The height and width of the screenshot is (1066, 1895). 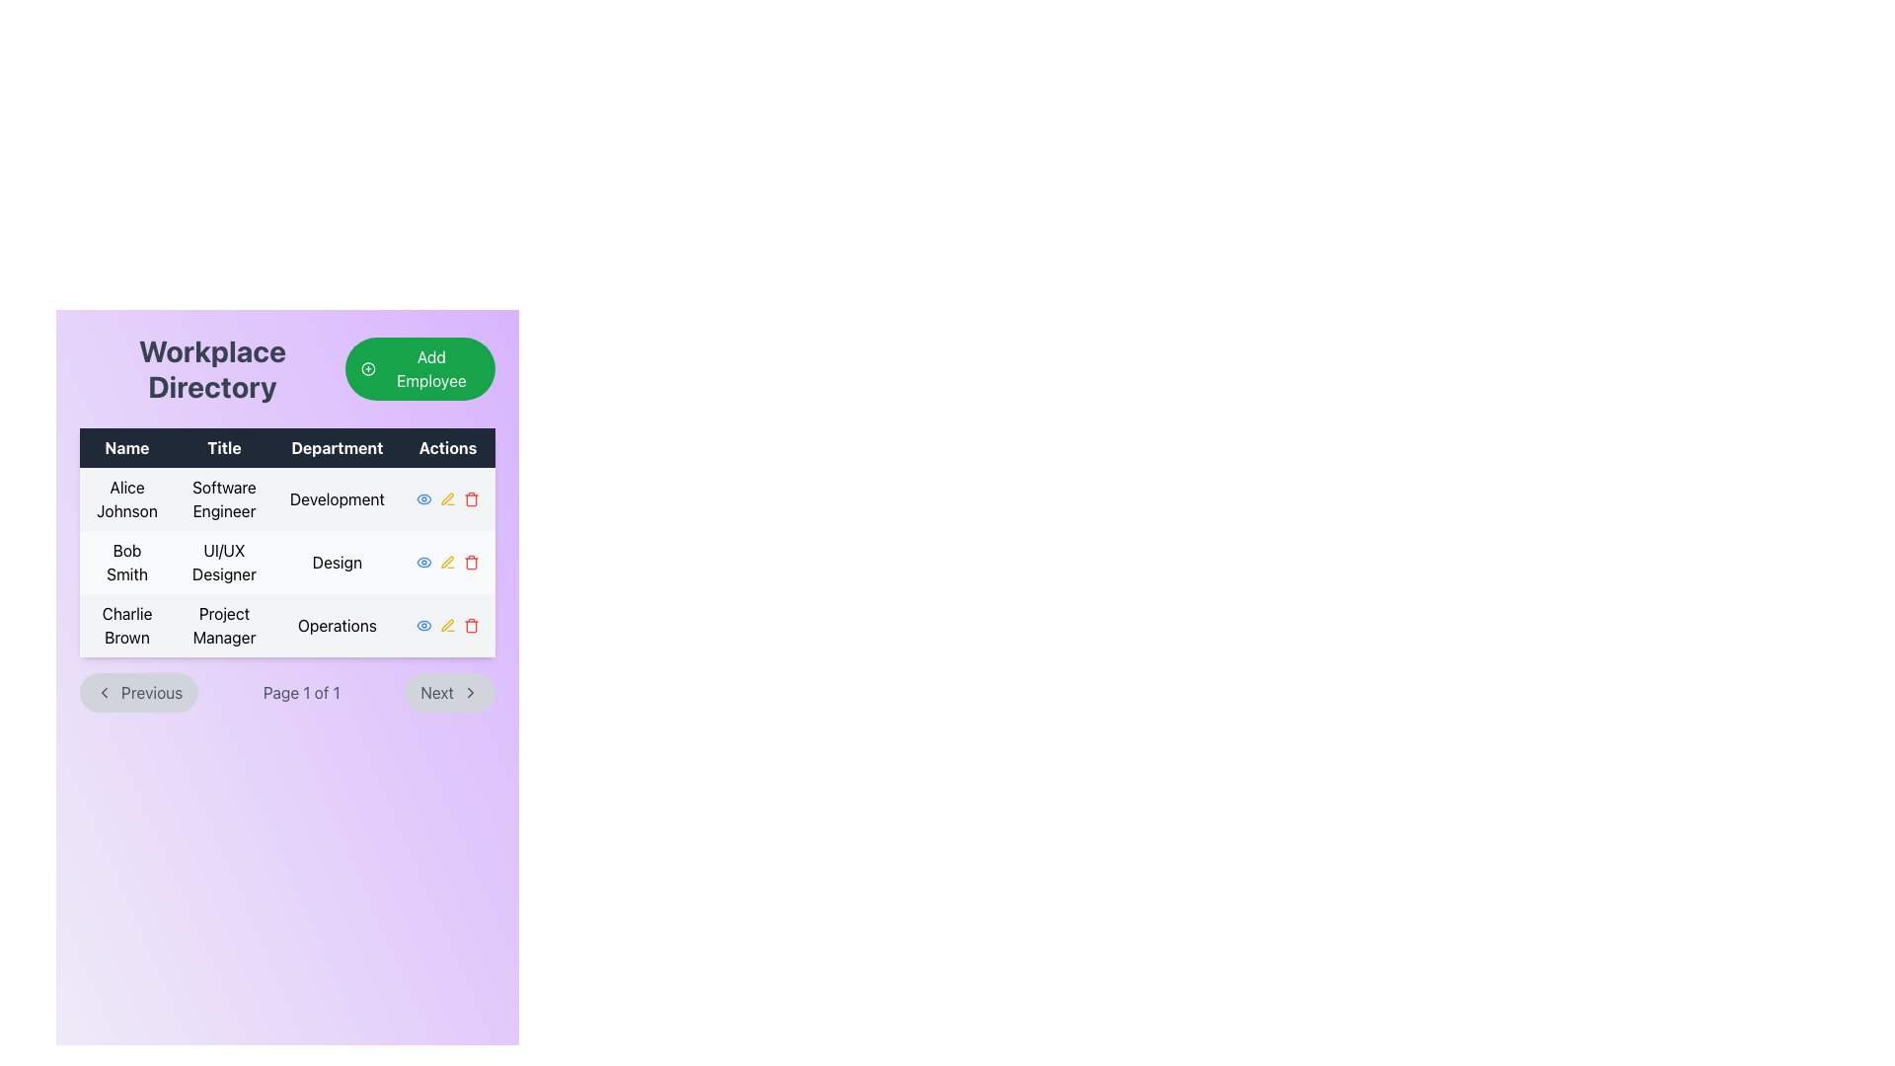 What do you see at coordinates (224, 625) in the screenshot?
I see `the Text Label containing the text 'Project Manager' located in the third row under the 'Title' column of a table, aligning with 'Charlie Brown' and 'Operations'` at bounding box center [224, 625].